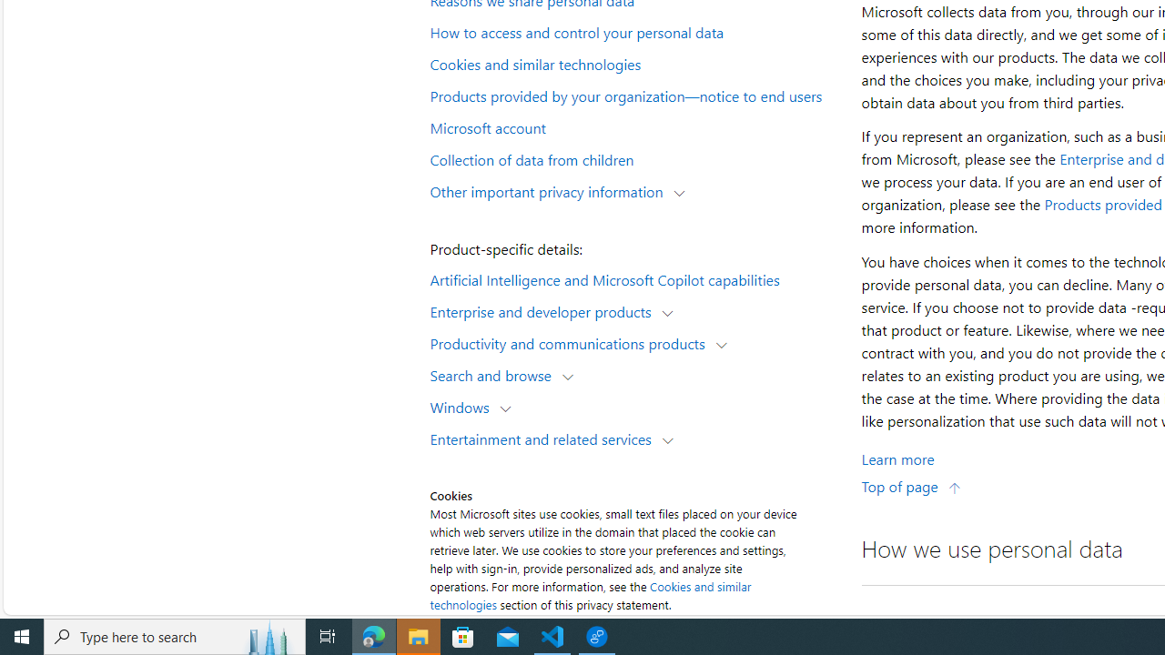  Describe the element at coordinates (633, 157) in the screenshot. I see `'Collection of data from children'` at that location.